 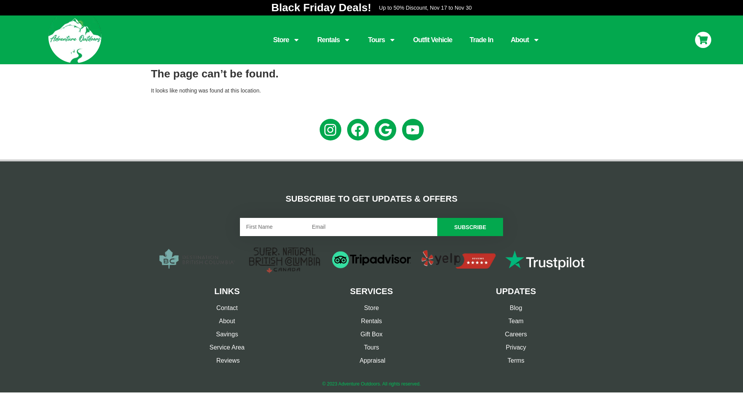 I want to click on 'Tours', so click(x=382, y=40).